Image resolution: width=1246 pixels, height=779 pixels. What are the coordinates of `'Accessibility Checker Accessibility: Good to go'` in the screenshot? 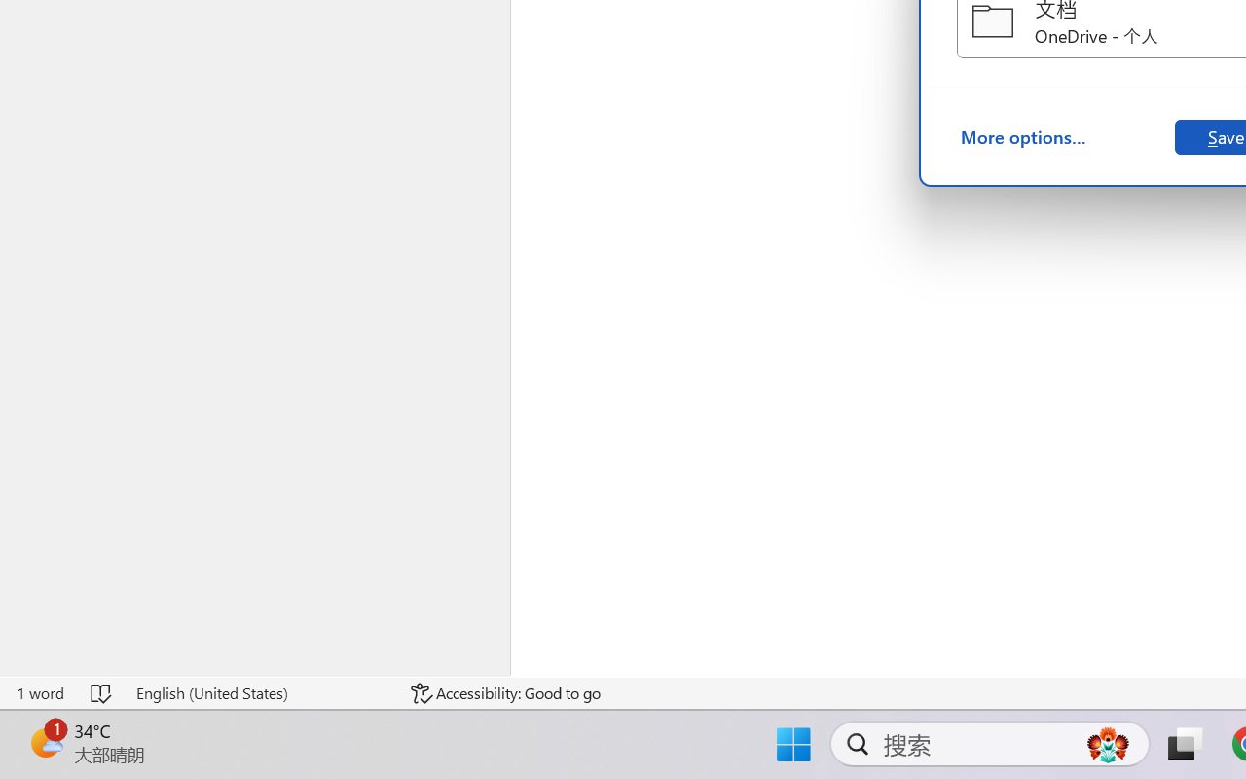 It's located at (505, 692).